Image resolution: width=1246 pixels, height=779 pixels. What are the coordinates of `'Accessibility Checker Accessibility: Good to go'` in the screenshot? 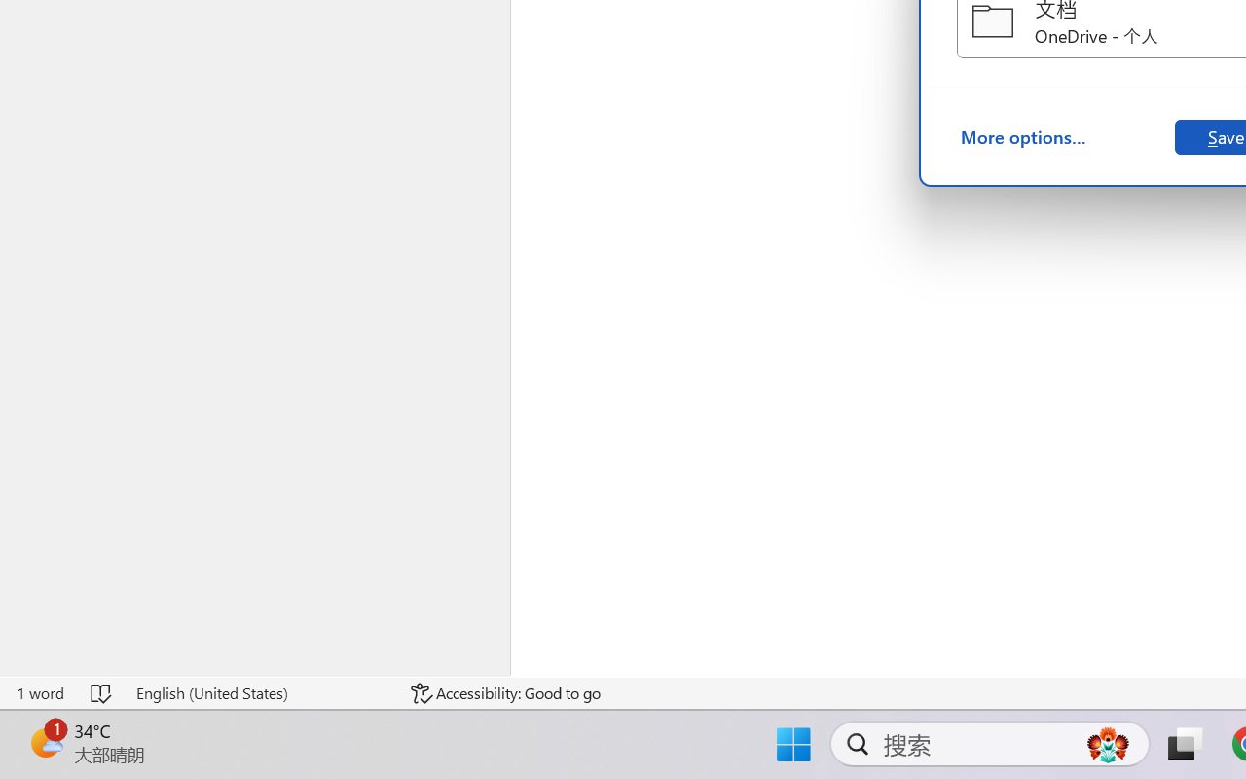 It's located at (505, 692).